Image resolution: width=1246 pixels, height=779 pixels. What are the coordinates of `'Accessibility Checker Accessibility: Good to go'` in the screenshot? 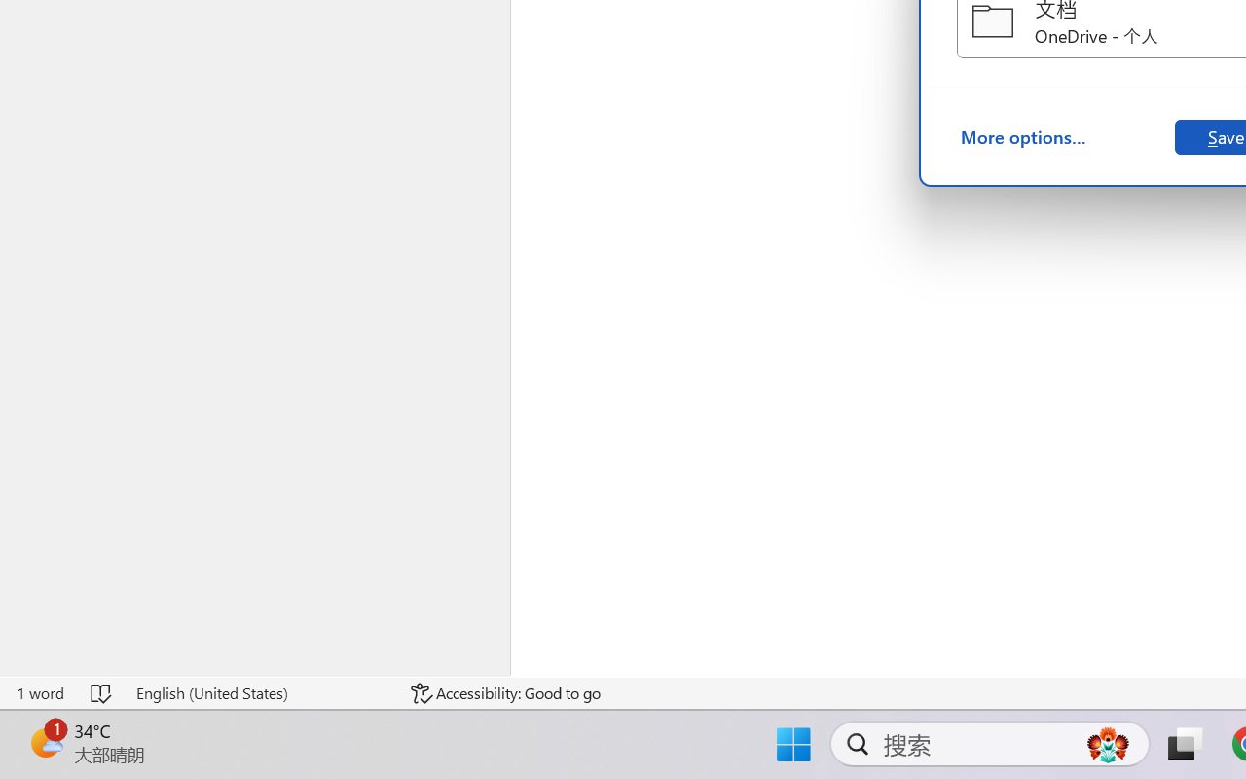 It's located at (505, 692).